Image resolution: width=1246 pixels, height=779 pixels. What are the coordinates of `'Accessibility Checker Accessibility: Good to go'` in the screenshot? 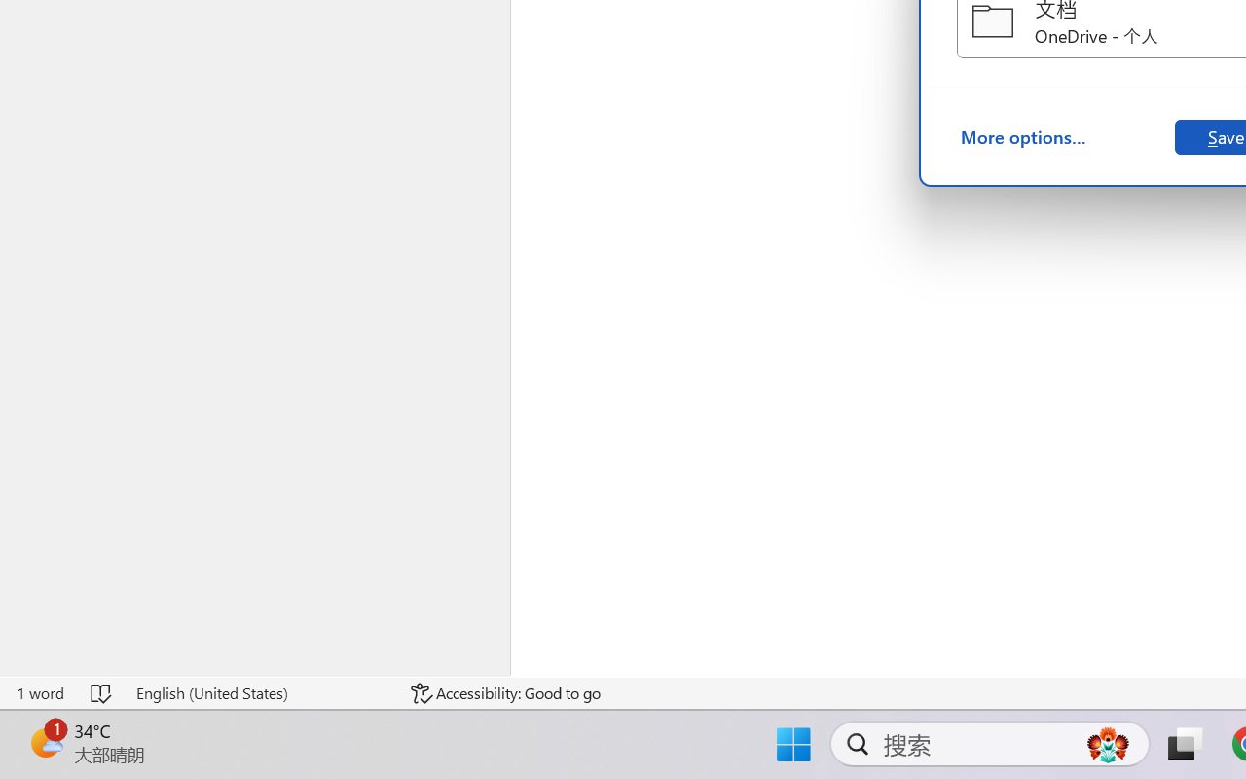 It's located at (505, 692).